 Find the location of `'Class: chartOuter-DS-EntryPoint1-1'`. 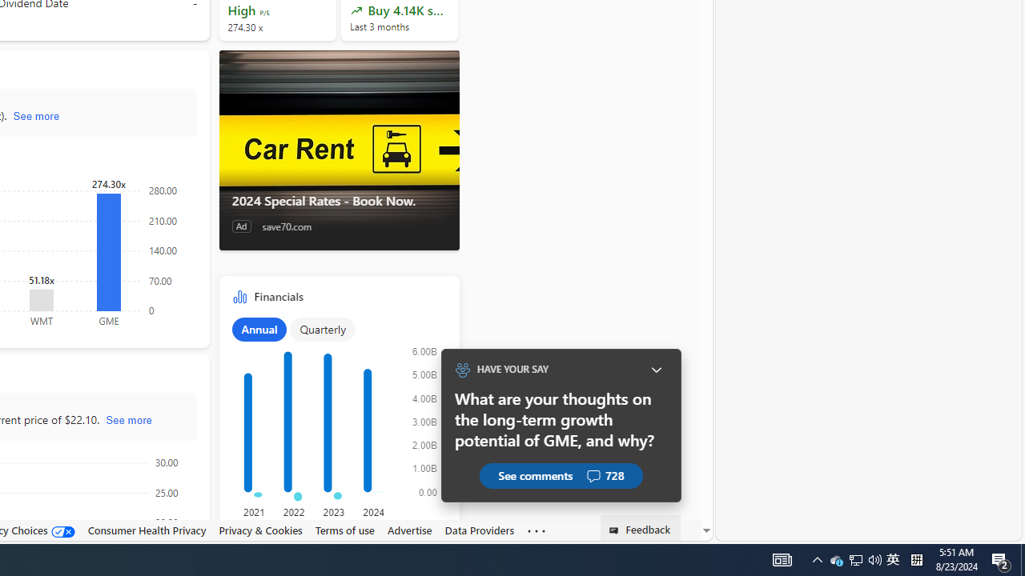

'Class: chartOuter-DS-EntryPoint1-1' is located at coordinates (335, 426).